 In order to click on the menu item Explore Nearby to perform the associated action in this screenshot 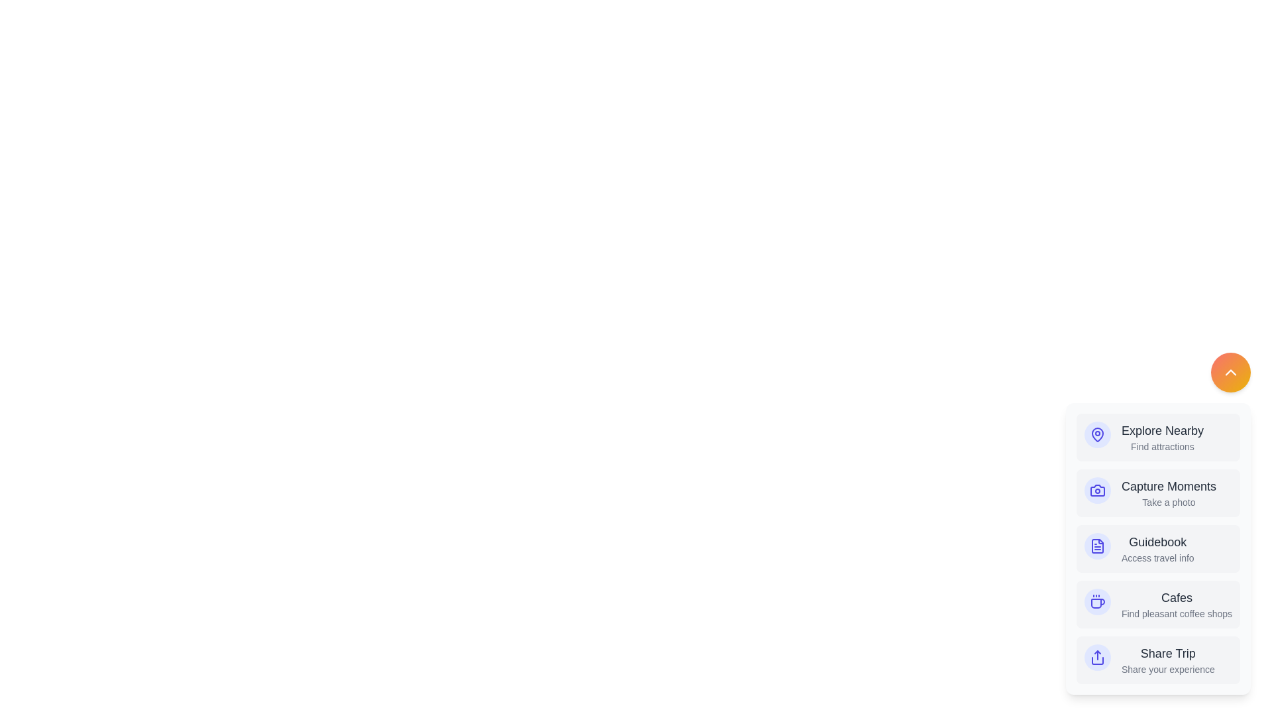, I will do `click(1157, 437)`.